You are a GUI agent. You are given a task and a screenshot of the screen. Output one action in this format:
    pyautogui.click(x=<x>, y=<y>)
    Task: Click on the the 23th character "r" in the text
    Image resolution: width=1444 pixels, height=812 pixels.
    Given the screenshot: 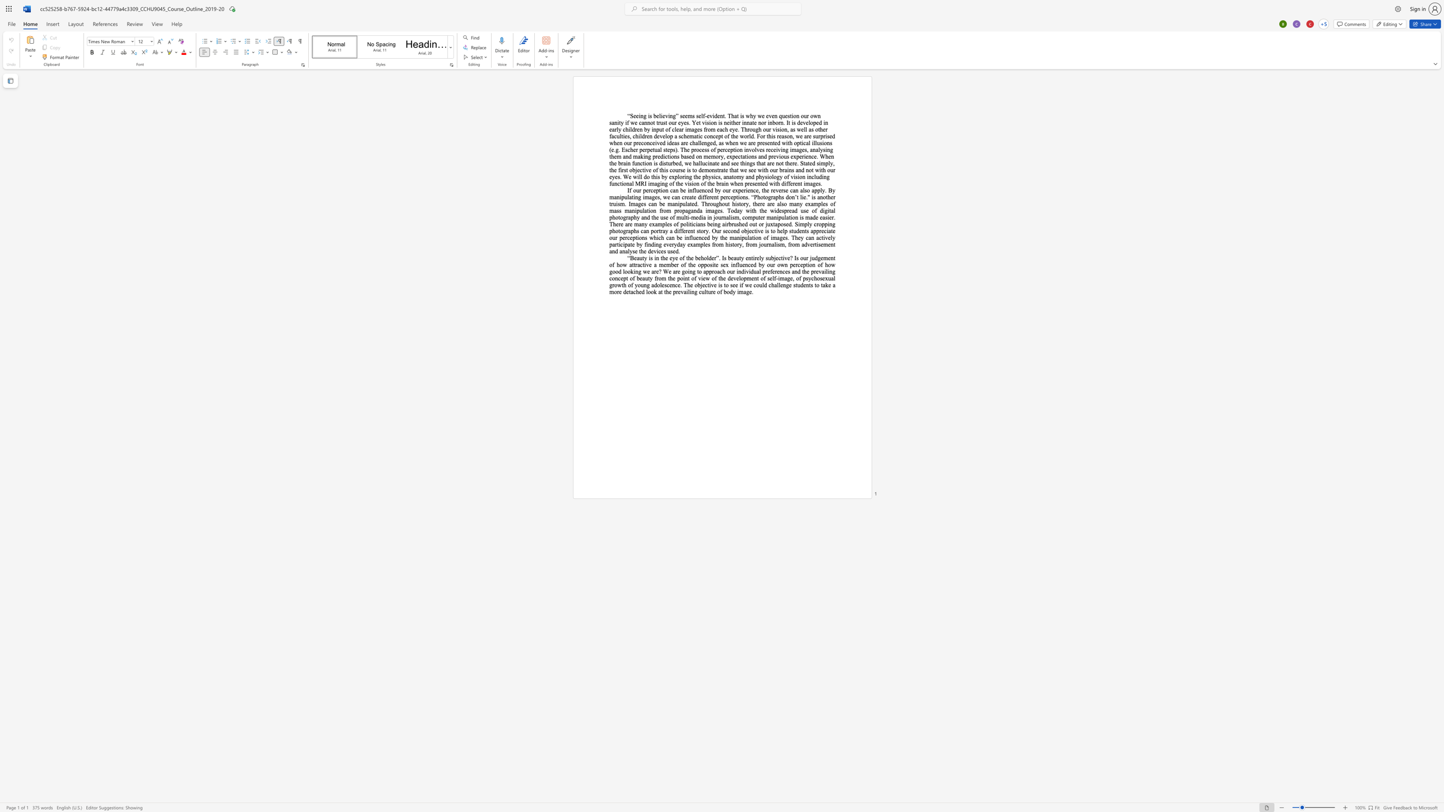 What is the action you would take?
    pyautogui.click(x=832, y=217)
    